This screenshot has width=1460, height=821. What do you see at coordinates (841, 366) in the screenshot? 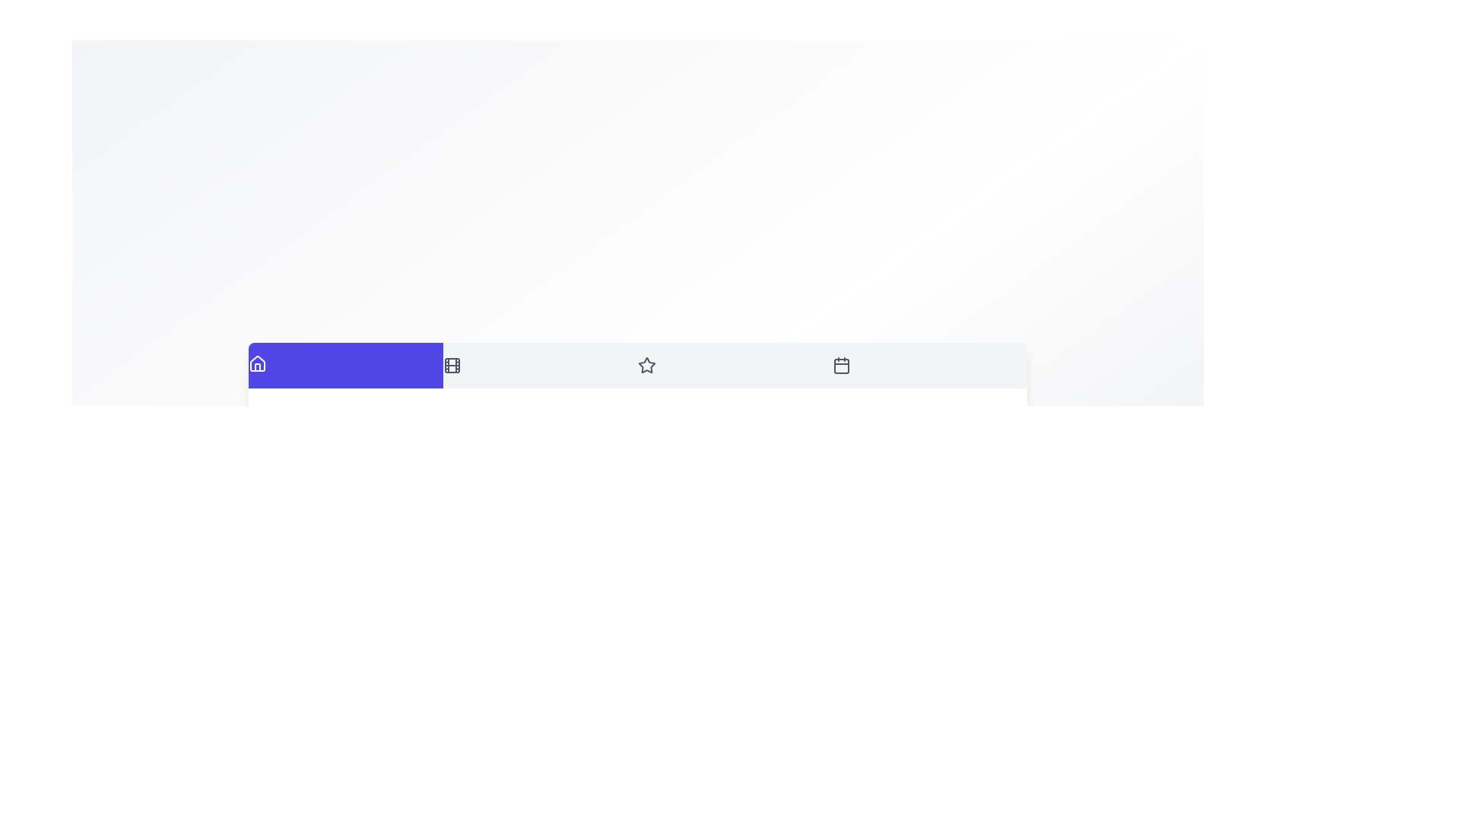
I see `the calendar icon with rounded corners located at the bottom of the interface, which is the third icon from the right in a horizontal row` at bounding box center [841, 366].